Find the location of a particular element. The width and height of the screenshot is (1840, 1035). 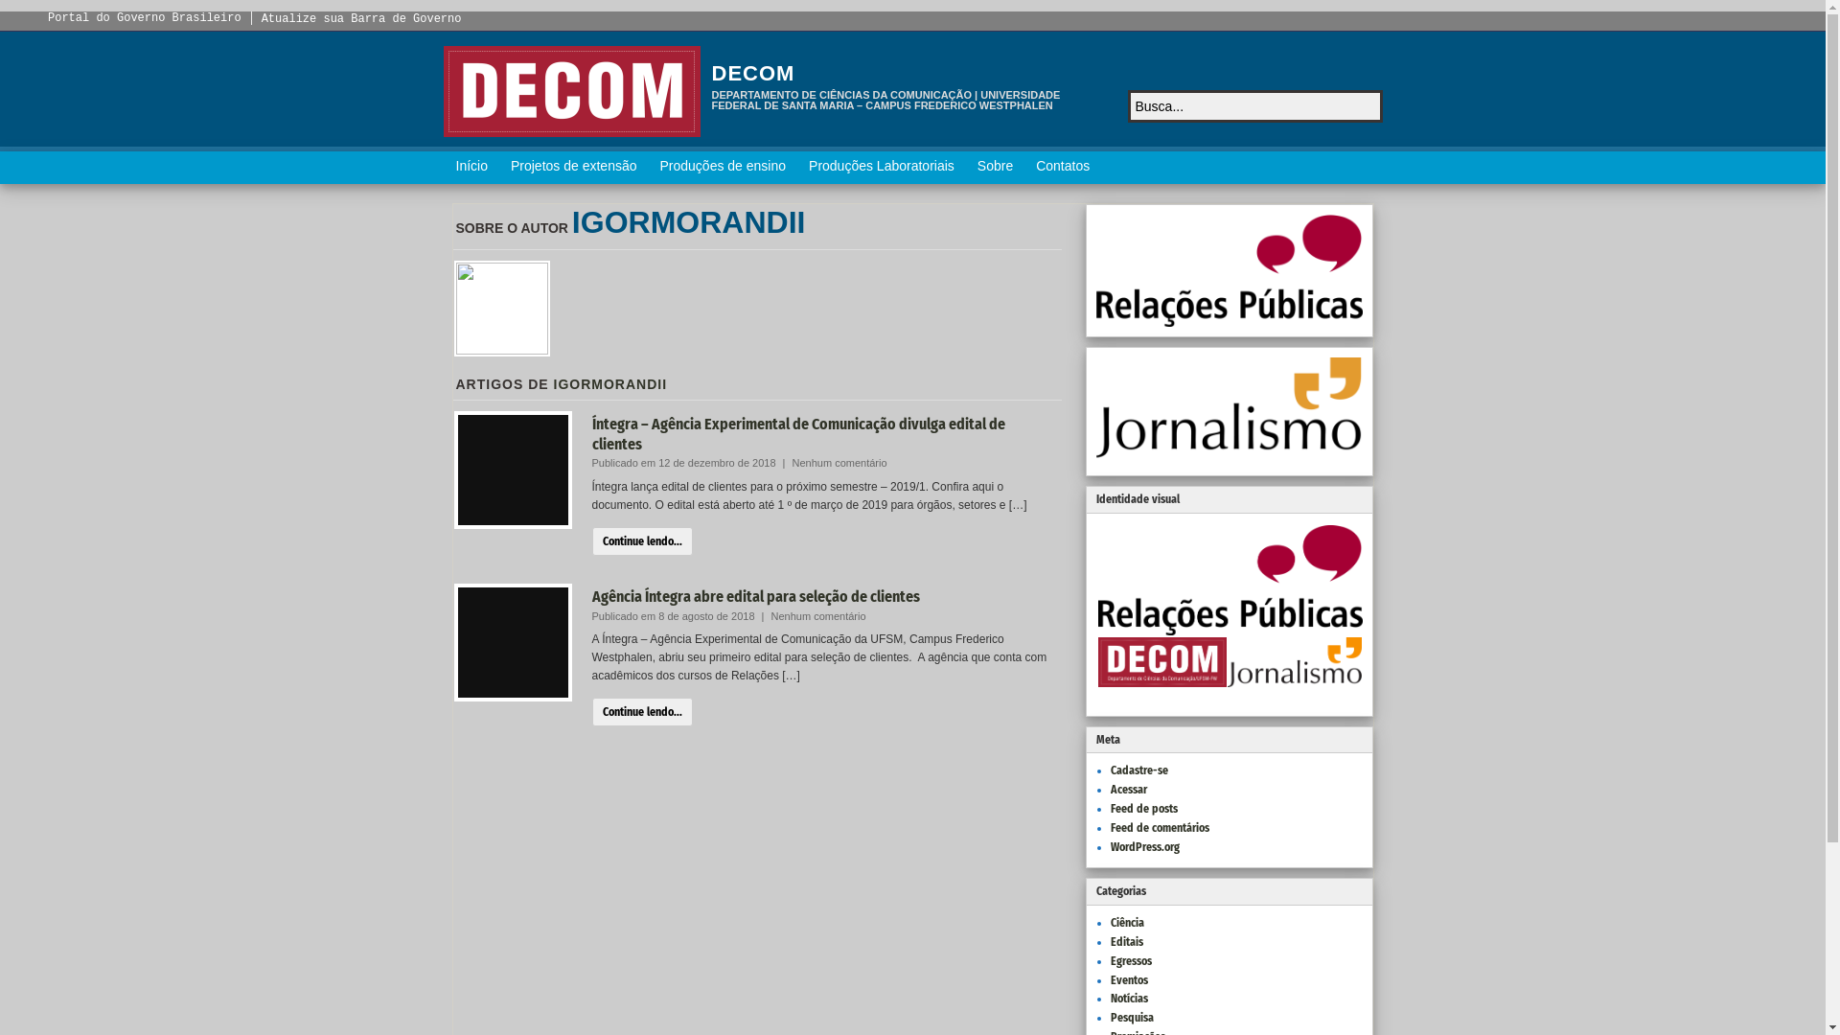

'Continue lendo...' is located at coordinates (642, 540).